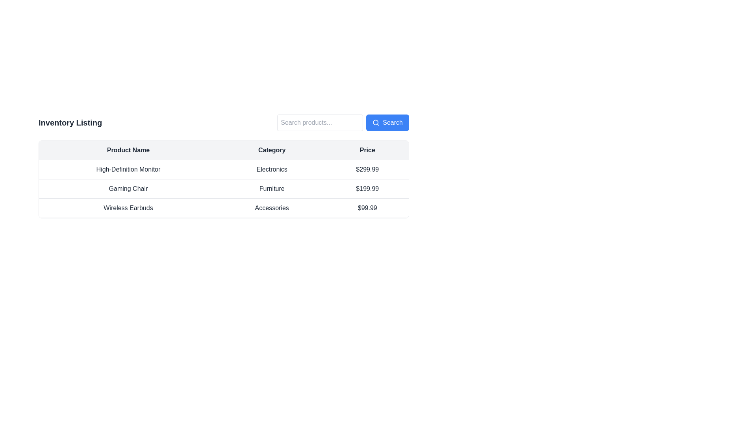 The width and height of the screenshot is (756, 425). I want to click on within the input field of the Search bar located in the Inventory Listing section to type a query, so click(343, 123).